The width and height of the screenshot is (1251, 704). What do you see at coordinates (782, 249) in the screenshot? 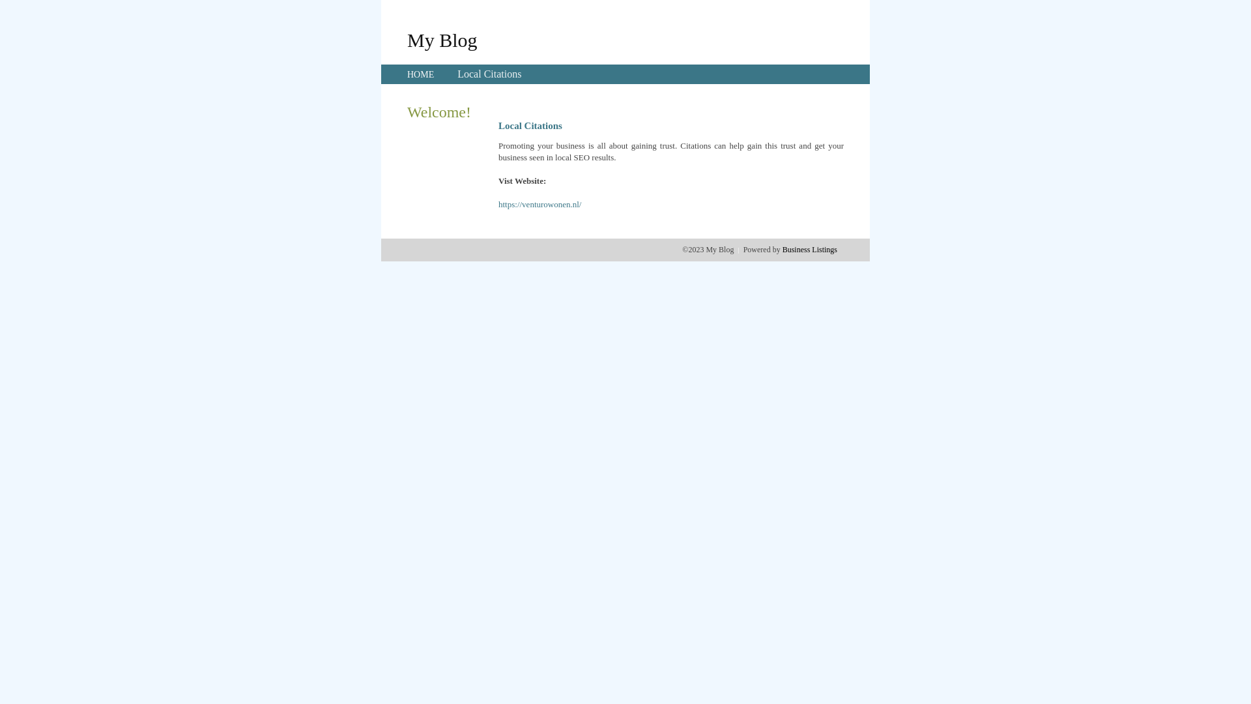
I see `'Business Listings'` at bounding box center [782, 249].